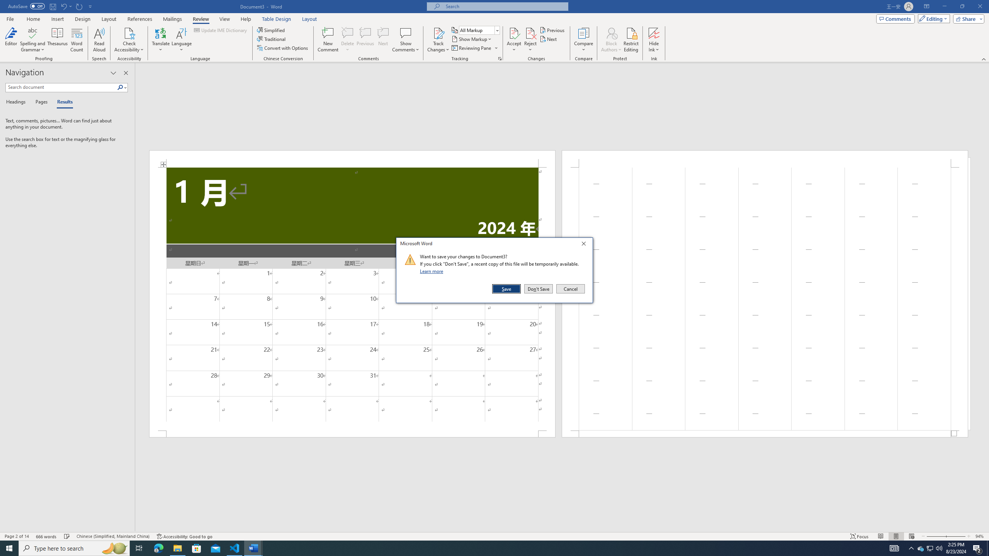 The width and height of the screenshot is (989, 556). I want to click on 'Delete', so click(347, 32).